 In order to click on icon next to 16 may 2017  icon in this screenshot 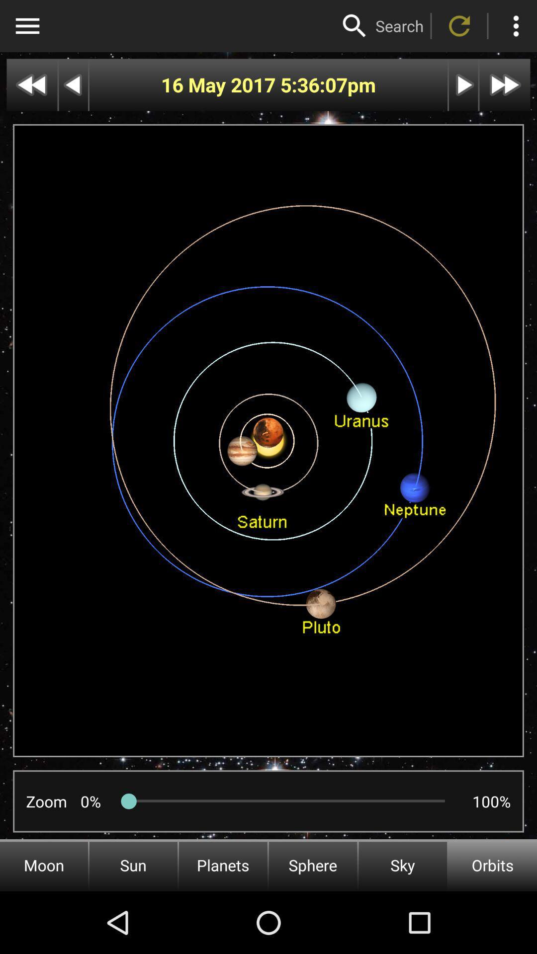, I will do `click(314, 85)`.